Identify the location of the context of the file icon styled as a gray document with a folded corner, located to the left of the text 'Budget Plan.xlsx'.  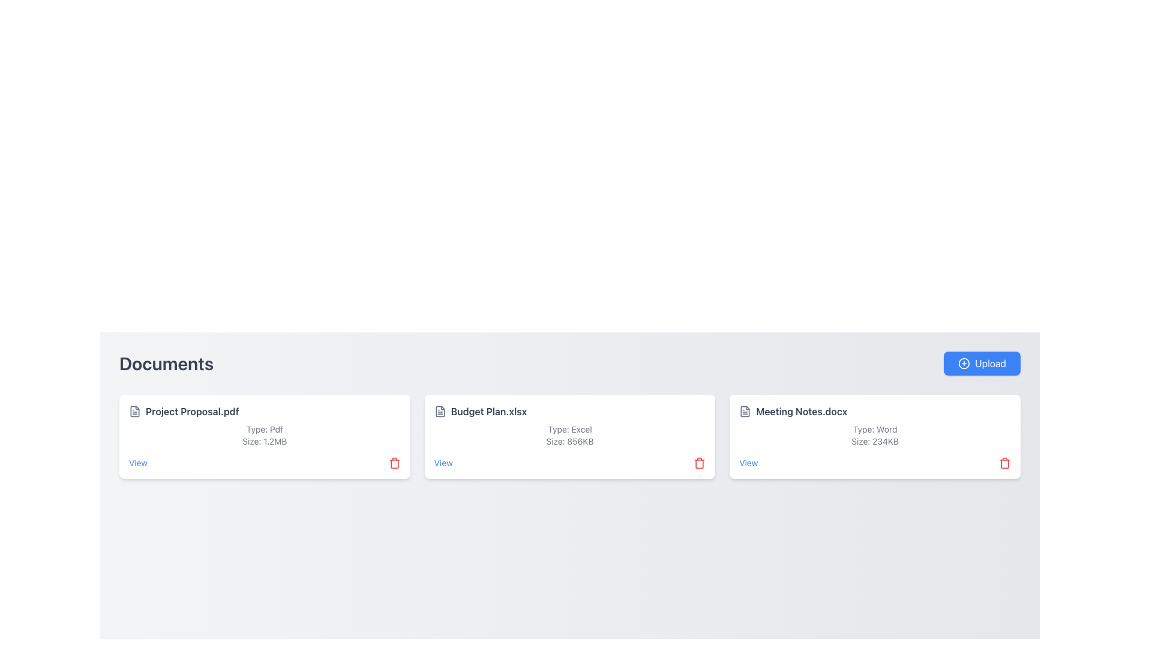
(439, 411).